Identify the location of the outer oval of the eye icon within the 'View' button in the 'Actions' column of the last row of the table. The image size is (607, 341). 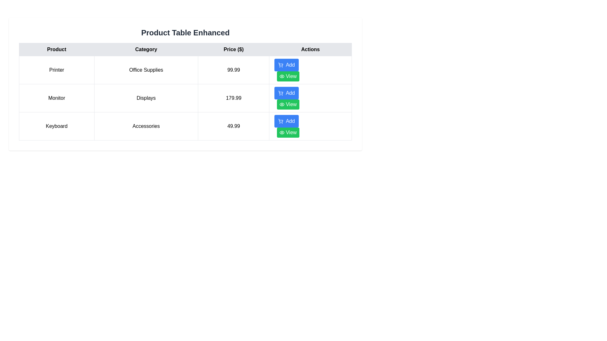
(282, 132).